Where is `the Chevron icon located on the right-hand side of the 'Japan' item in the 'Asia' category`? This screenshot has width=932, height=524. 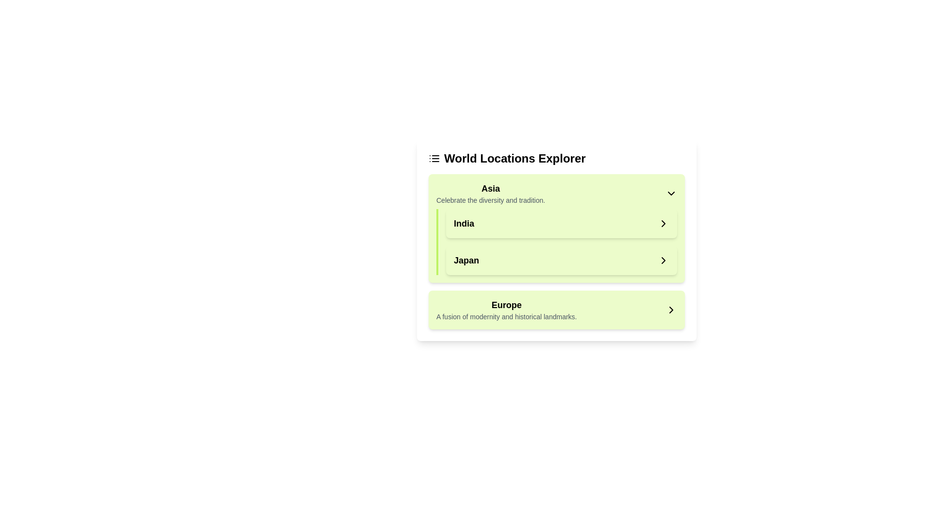 the Chevron icon located on the right-hand side of the 'Japan' item in the 'Asia' category is located at coordinates (663, 260).